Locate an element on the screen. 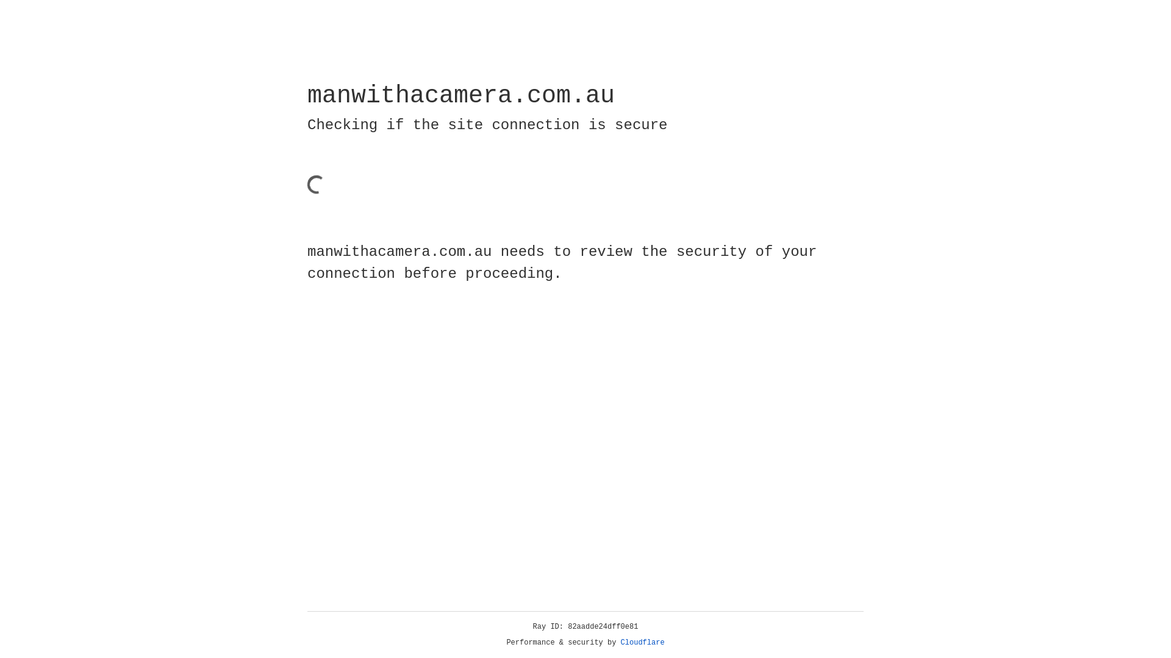 Image resolution: width=1171 pixels, height=658 pixels. 'Cloudflare' is located at coordinates (642, 642).